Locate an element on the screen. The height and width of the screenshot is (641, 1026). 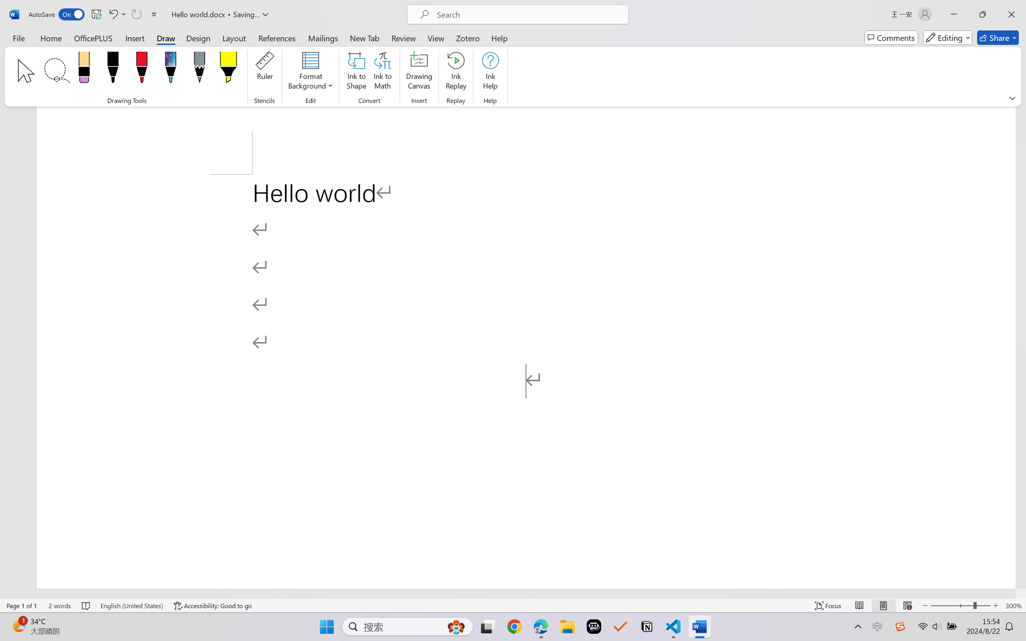
'Zoom' is located at coordinates (961, 605).